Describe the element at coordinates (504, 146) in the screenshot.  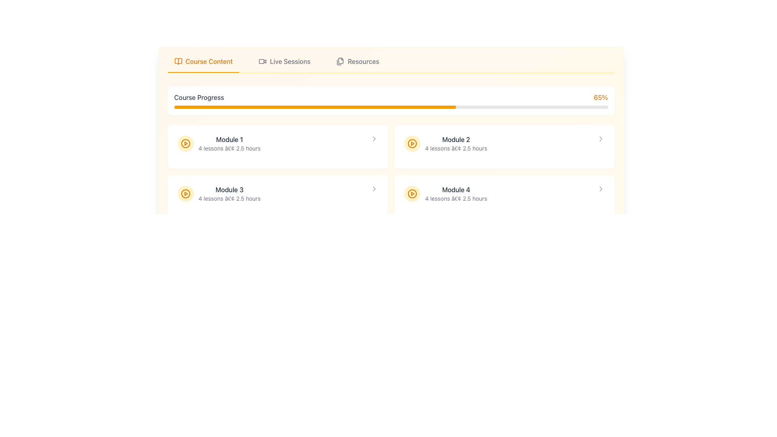
I see `the Card located in the upper-right section of the grid, which is the second card on the first row to the right of 'Module 1'` at that location.